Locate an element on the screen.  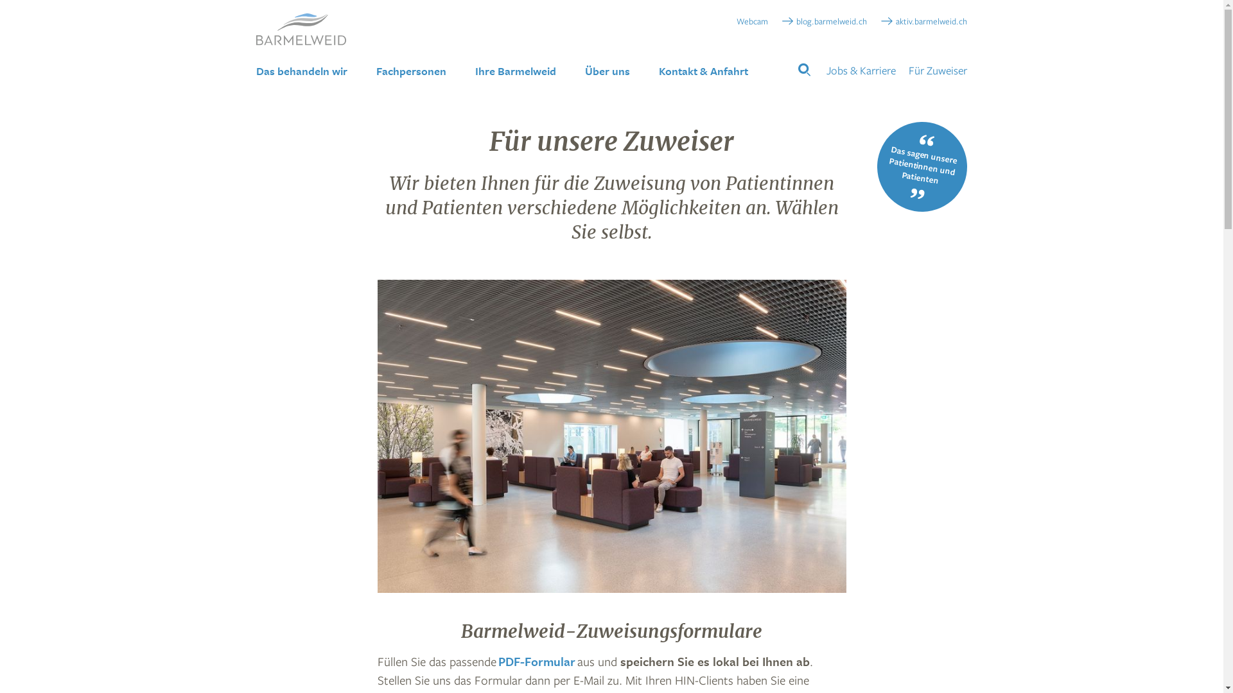
'Fachpersonen' is located at coordinates (411, 71).